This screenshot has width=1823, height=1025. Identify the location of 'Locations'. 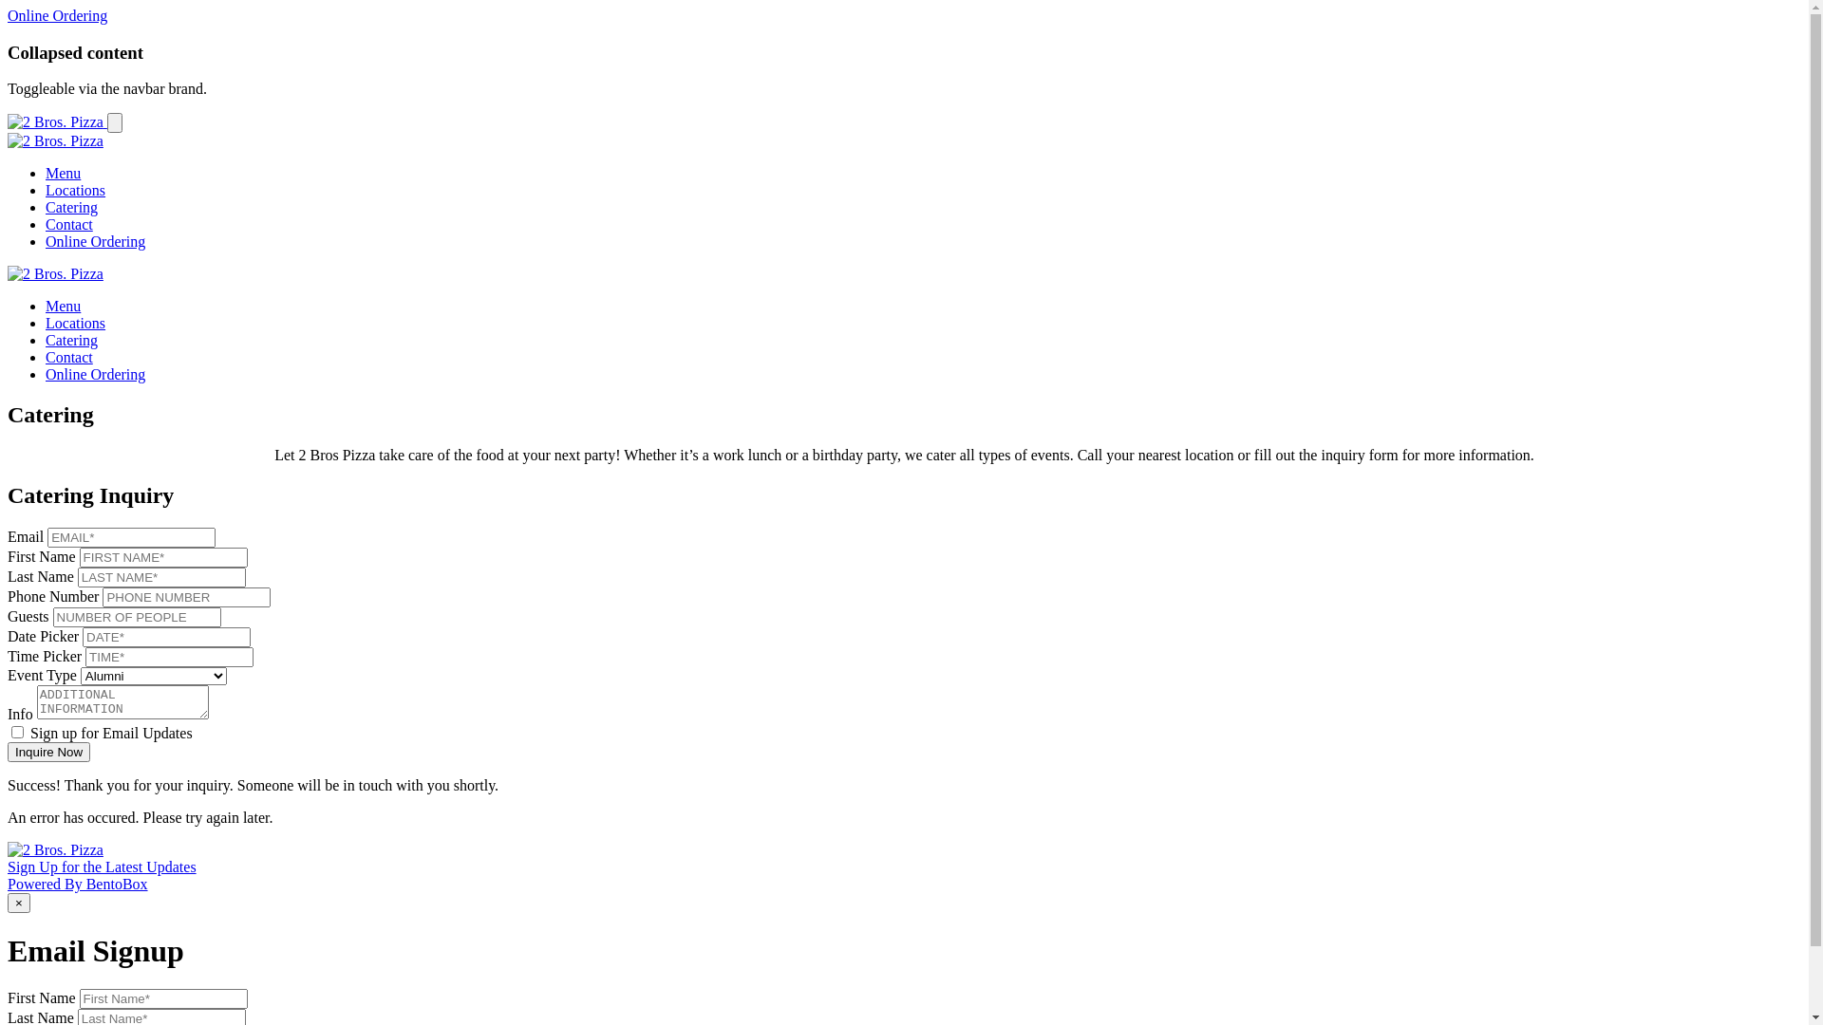
(75, 190).